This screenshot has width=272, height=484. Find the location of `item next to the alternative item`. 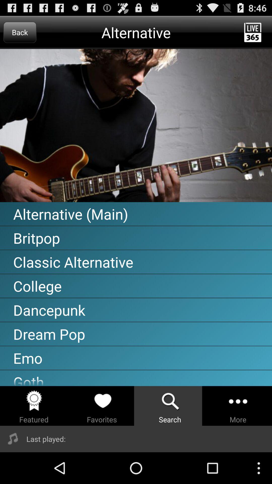

item next to the alternative item is located at coordinates (20, 32).